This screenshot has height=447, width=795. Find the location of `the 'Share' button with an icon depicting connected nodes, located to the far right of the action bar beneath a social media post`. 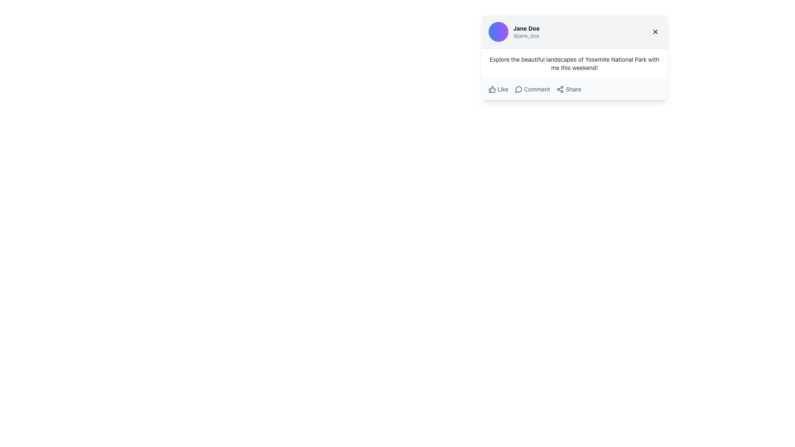

the 'Share' button with an icon depicting connected nodes, located to the far right of the action bar beneath a social media post is located at coordinates (569, 89).